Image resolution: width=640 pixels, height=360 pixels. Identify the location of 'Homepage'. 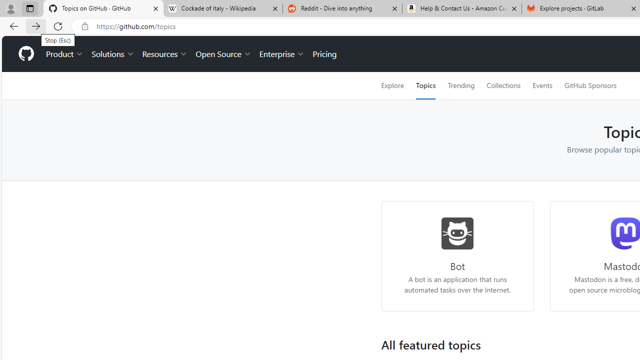
(25, 54).